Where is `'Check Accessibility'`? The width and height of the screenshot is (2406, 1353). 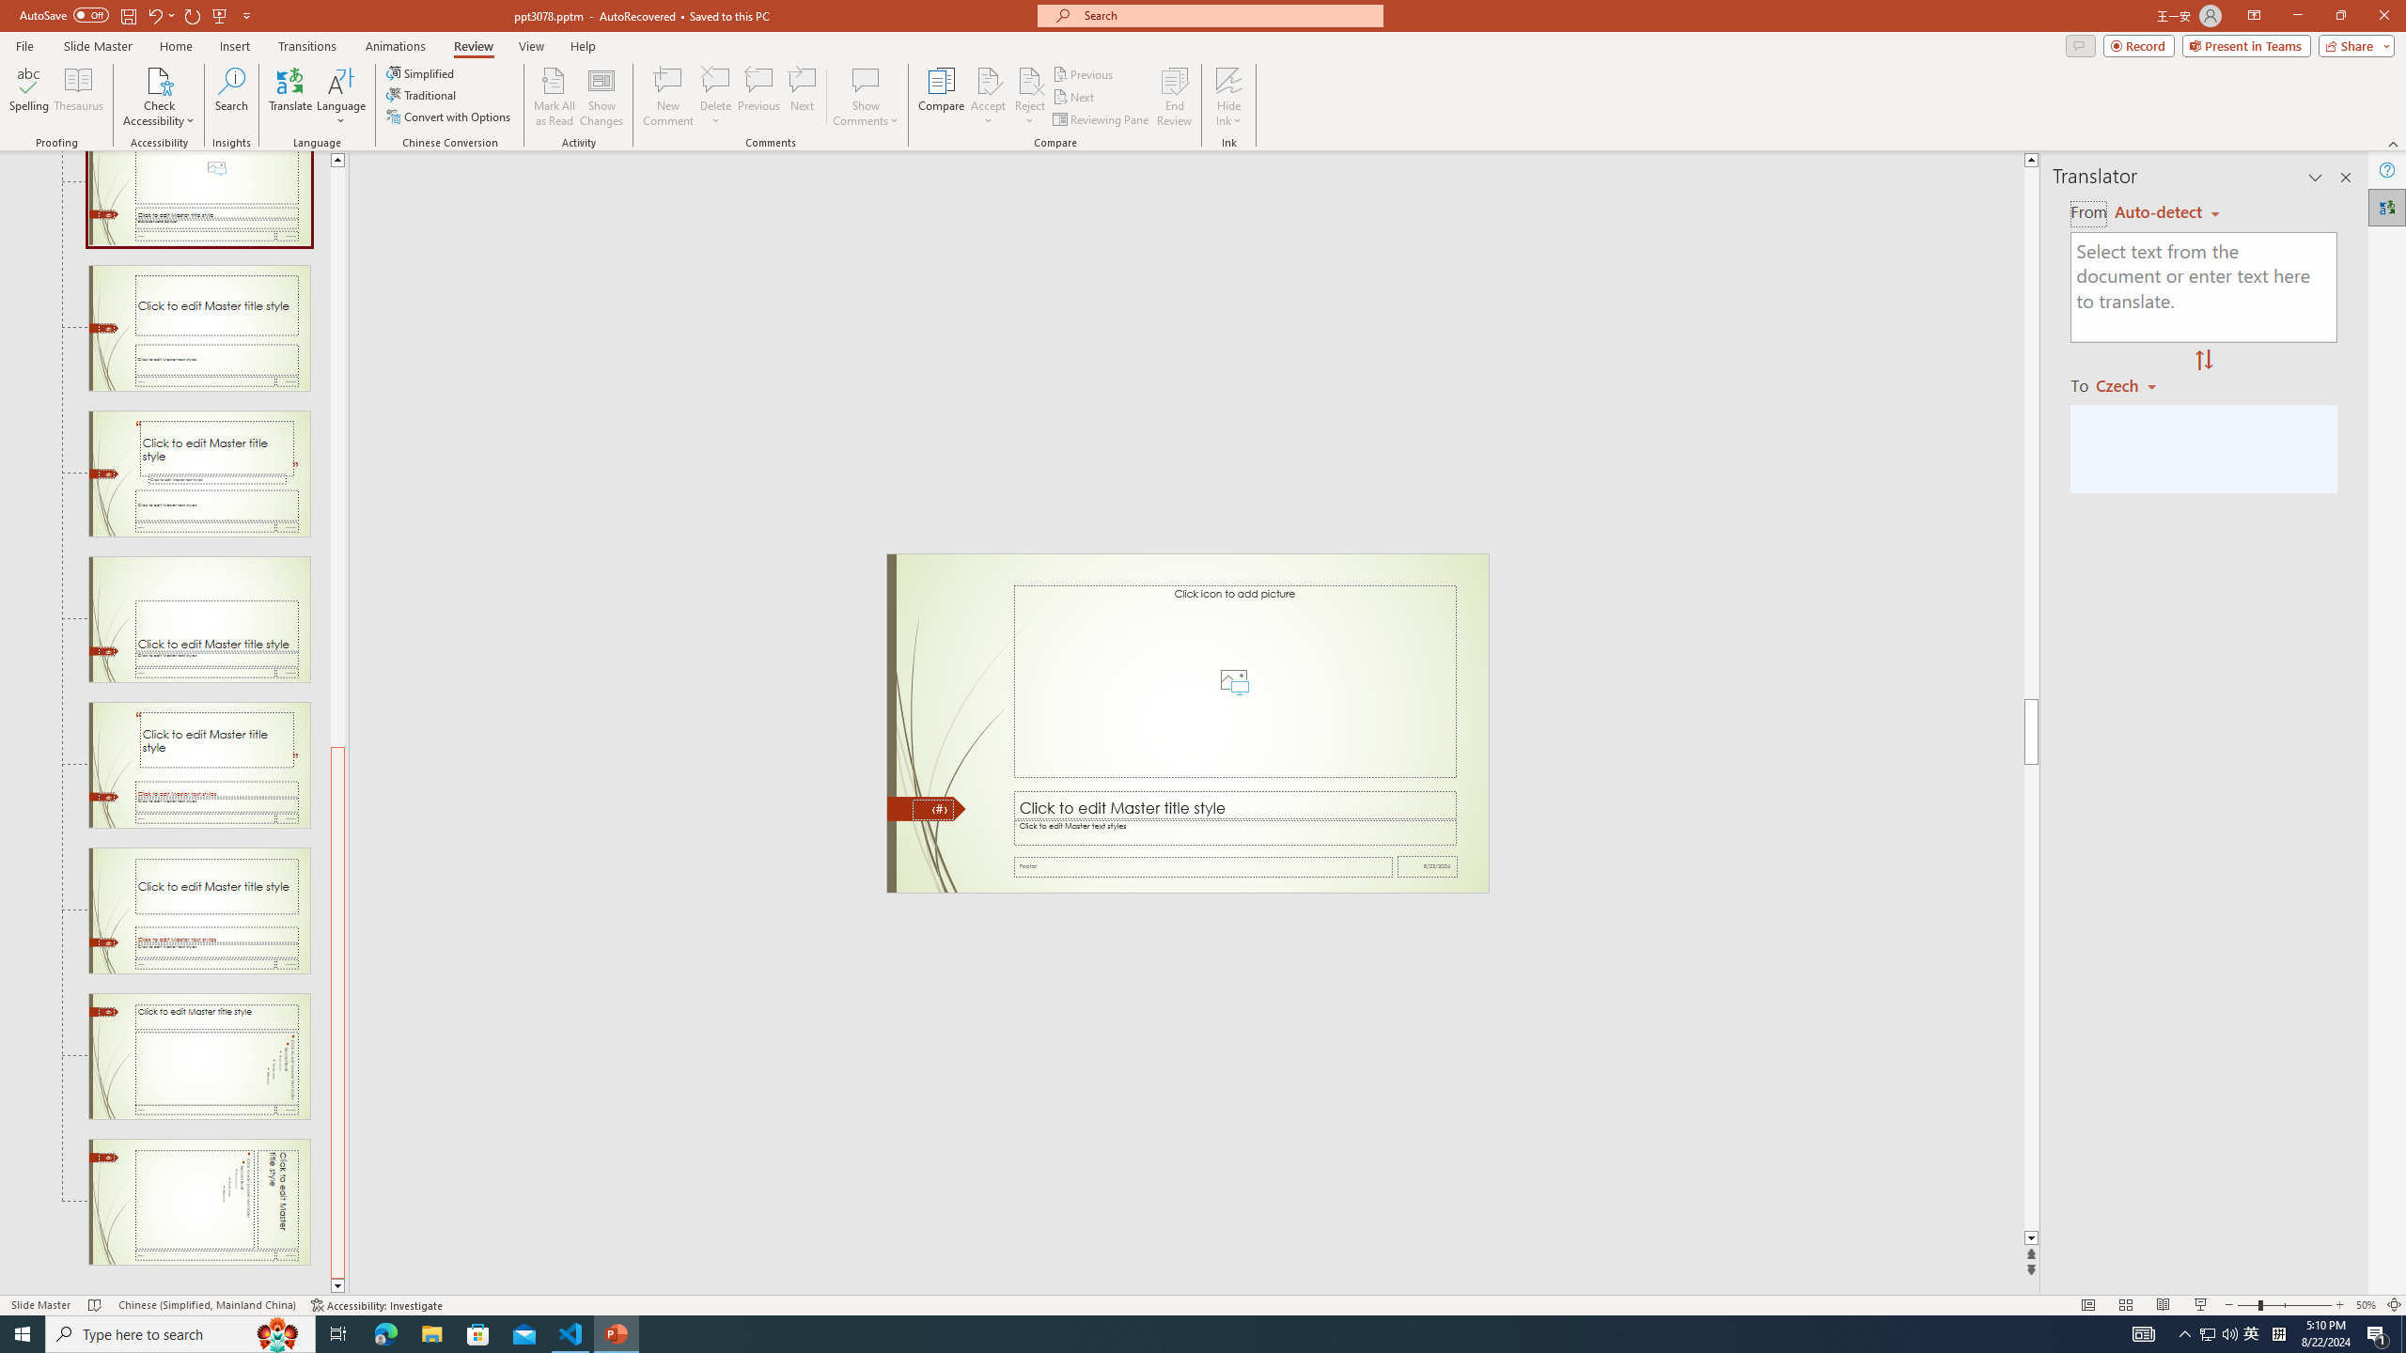 'Check Accessibility' is located at coordinates (157, 79).